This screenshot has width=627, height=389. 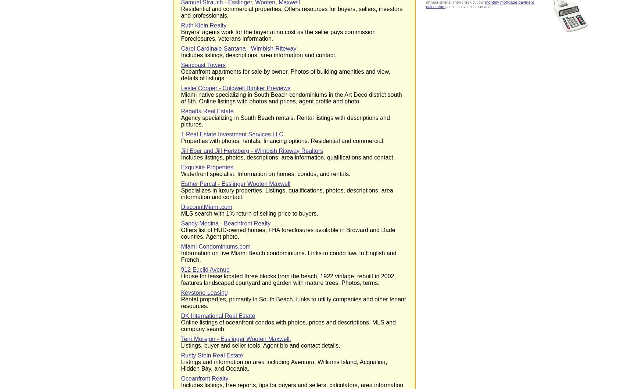 What do you see at coordinates (238, 48) in the screenshot?
I see `'Carol Cardinale-Santana - Wimbish-Riteway'` at bounding box center [238, 48].